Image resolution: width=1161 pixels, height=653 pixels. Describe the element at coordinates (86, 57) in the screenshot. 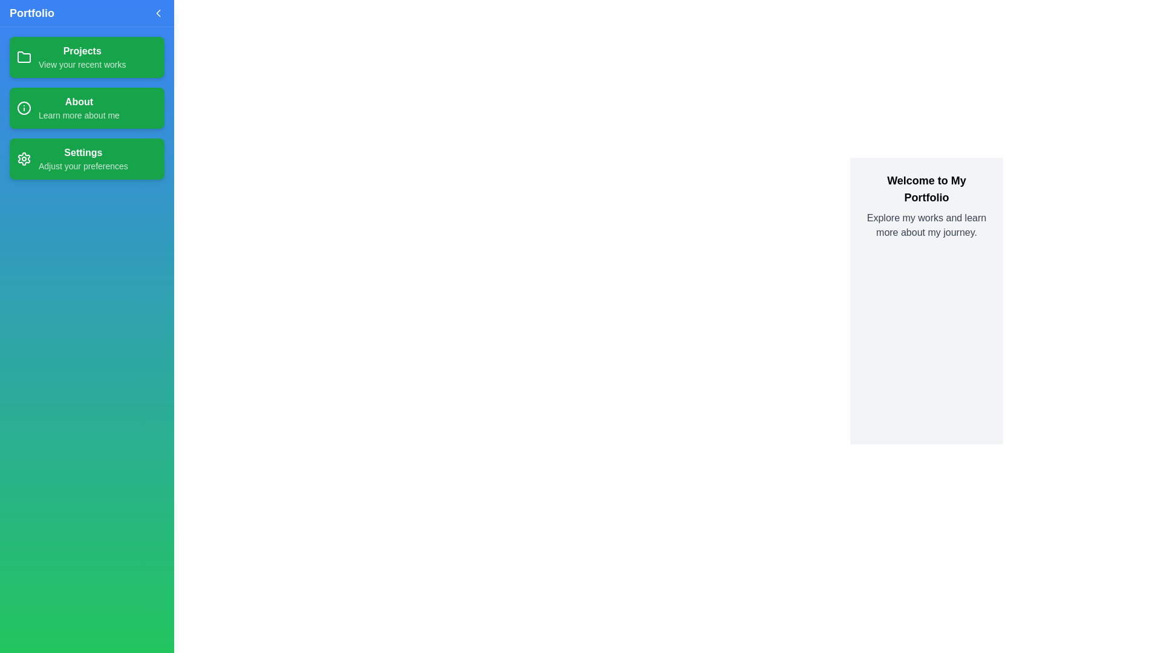

I see `the section labeled 'Projects' to observe its hover effect` at that location.